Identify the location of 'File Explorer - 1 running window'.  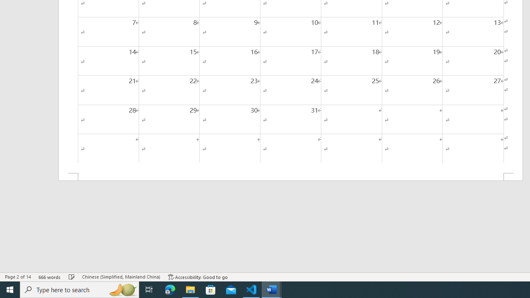
(190, 289).